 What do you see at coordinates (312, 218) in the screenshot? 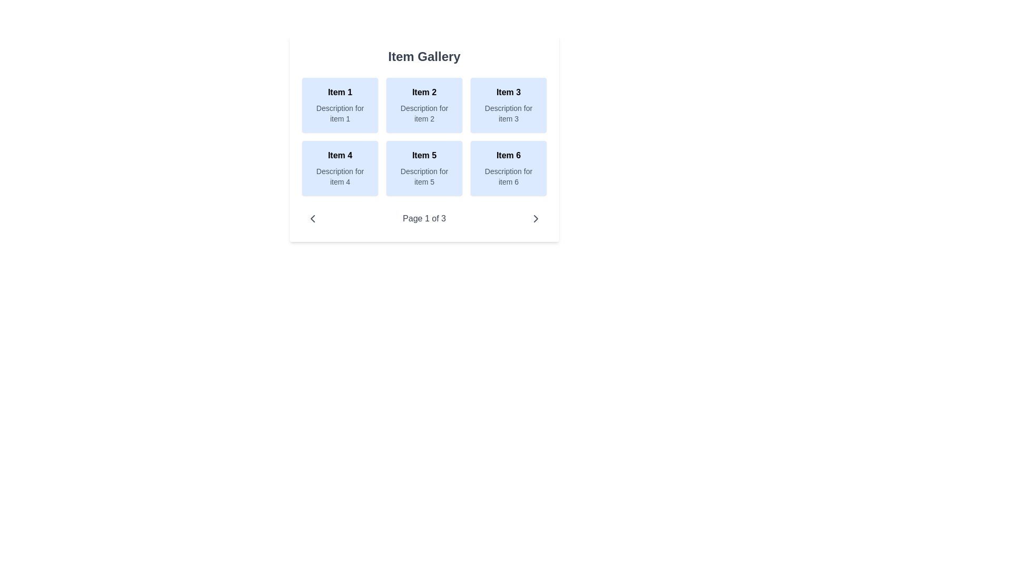
I see `the left-pointing chevron icon located at the bottom left side of the interface` at bounding box center [312, 218].